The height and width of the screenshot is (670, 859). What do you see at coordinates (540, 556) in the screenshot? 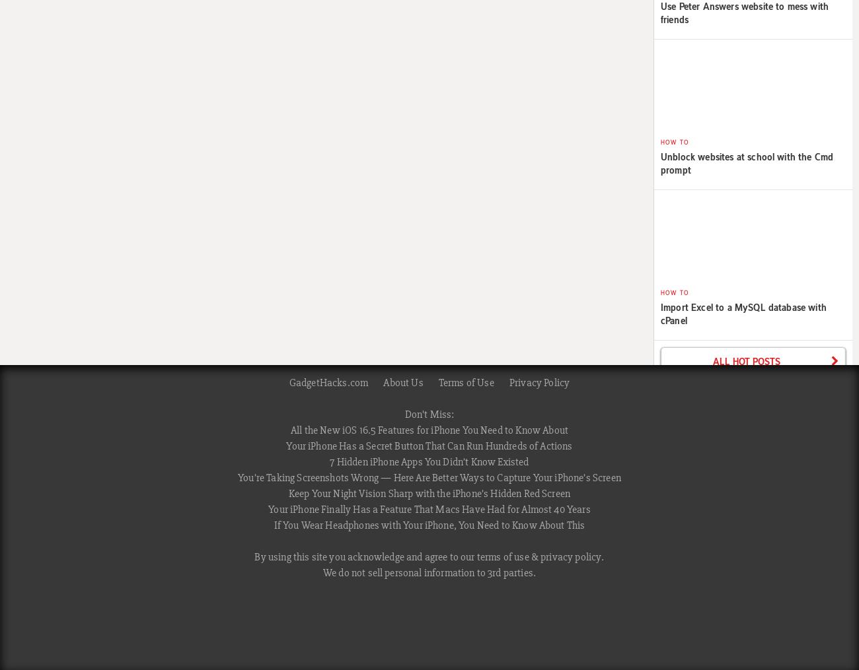
I see `'privacy policy'` at bounding box center [540, 556].